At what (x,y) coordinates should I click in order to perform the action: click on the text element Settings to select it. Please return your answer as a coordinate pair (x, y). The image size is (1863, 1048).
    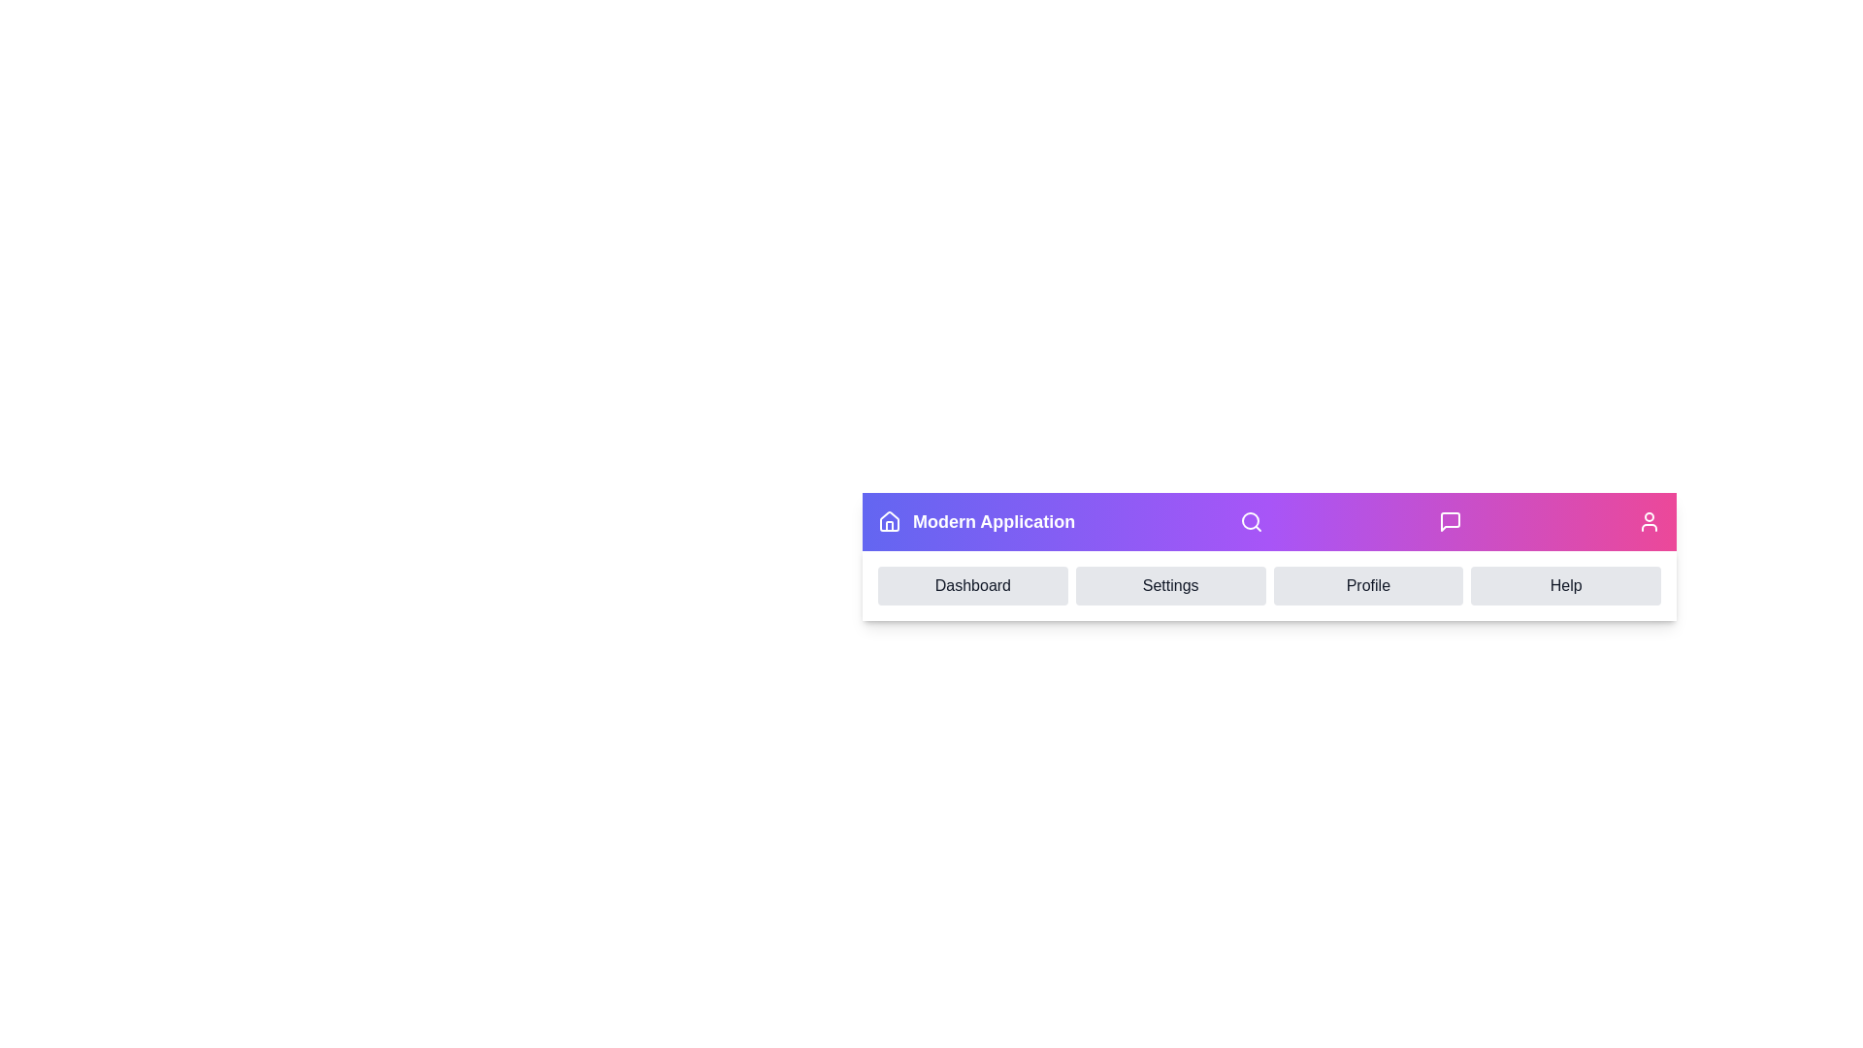
    Looking at the image, I should click on (1169, 585).